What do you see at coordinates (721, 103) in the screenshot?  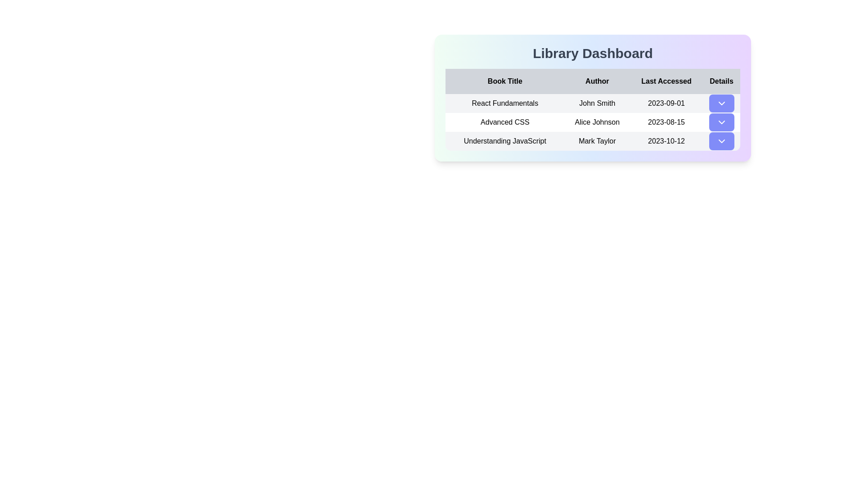 I see `the Details button located in the first row of the library dashboard table` at bounding box center [721, 103].